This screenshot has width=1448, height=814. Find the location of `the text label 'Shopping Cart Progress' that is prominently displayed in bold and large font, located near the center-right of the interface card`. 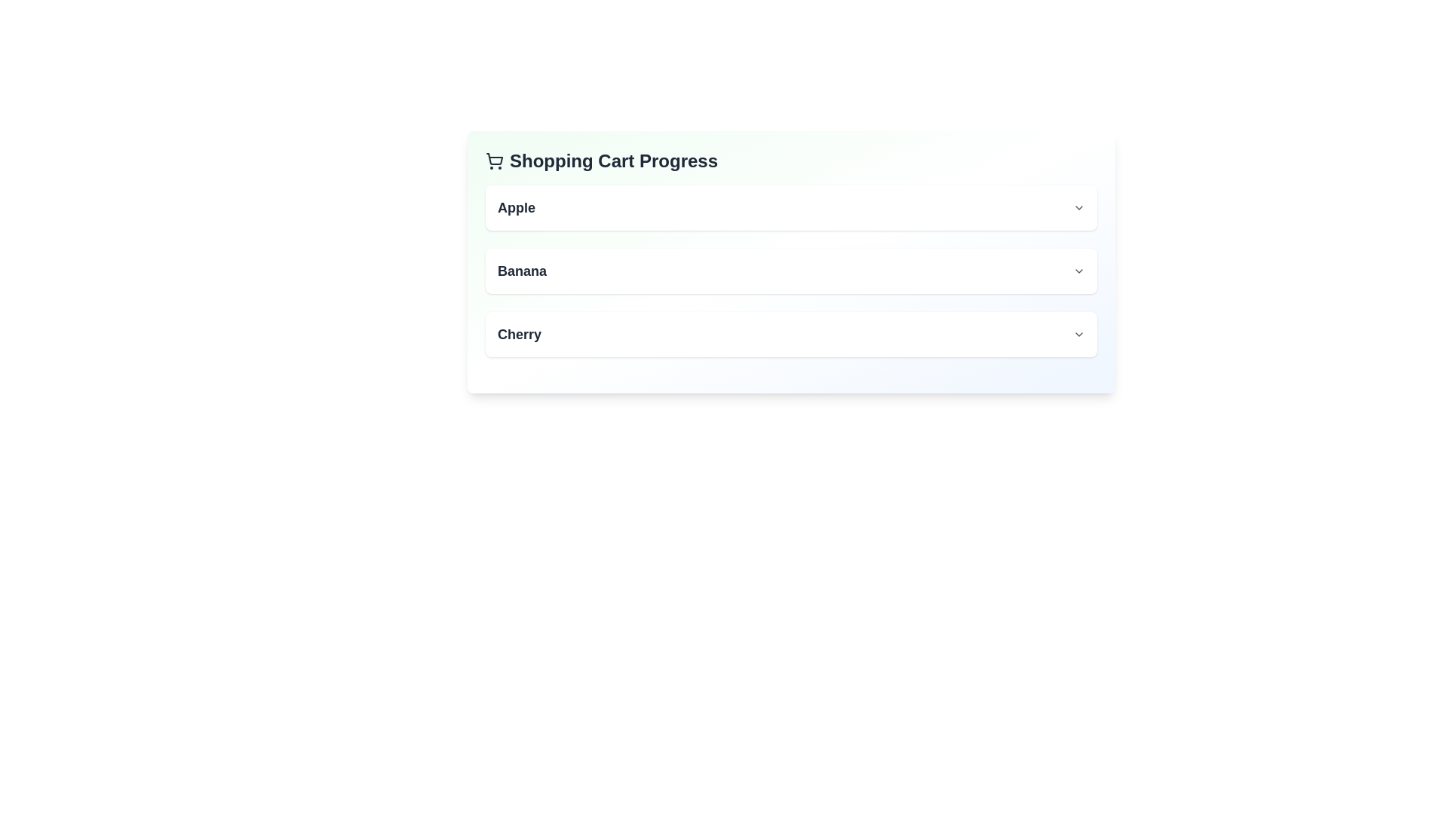

the text label 'Shopping Cart Progress' that is prominently displayed in bold and large font, located near the center-right of the interface card is located at coordinates (614, 161).